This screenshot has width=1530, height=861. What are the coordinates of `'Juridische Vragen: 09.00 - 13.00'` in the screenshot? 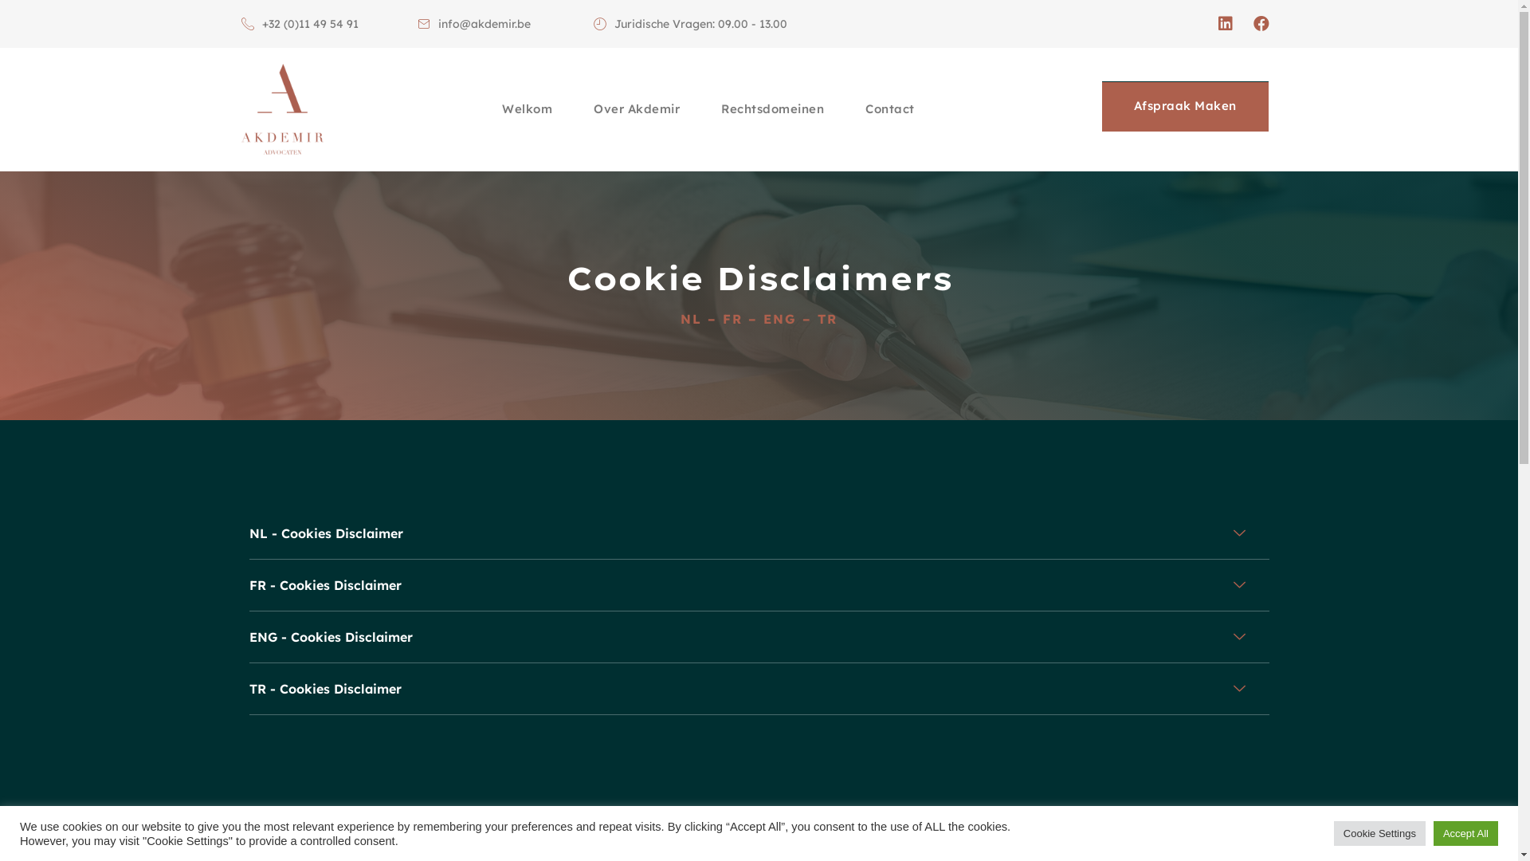 It's located at (689, 24).